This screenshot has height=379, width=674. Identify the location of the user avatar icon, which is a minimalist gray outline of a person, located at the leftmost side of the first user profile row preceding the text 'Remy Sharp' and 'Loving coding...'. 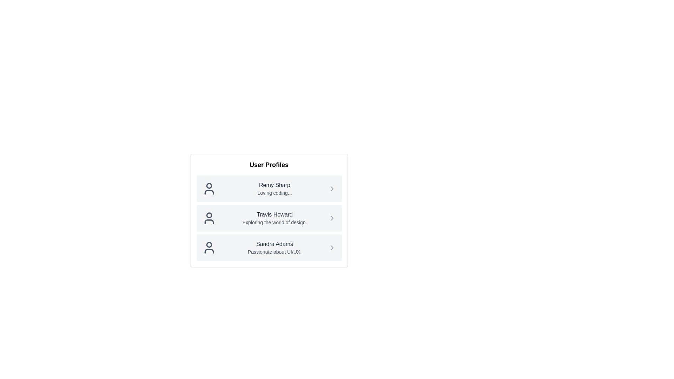
(209, 188).